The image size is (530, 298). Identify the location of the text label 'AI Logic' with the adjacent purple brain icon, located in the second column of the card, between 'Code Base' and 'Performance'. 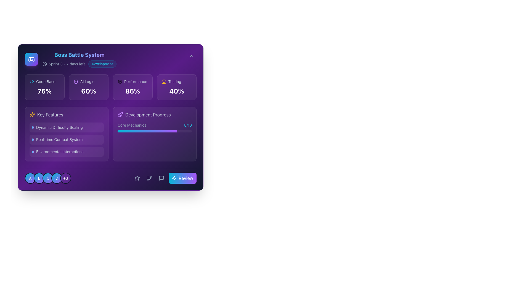
(89, 82).